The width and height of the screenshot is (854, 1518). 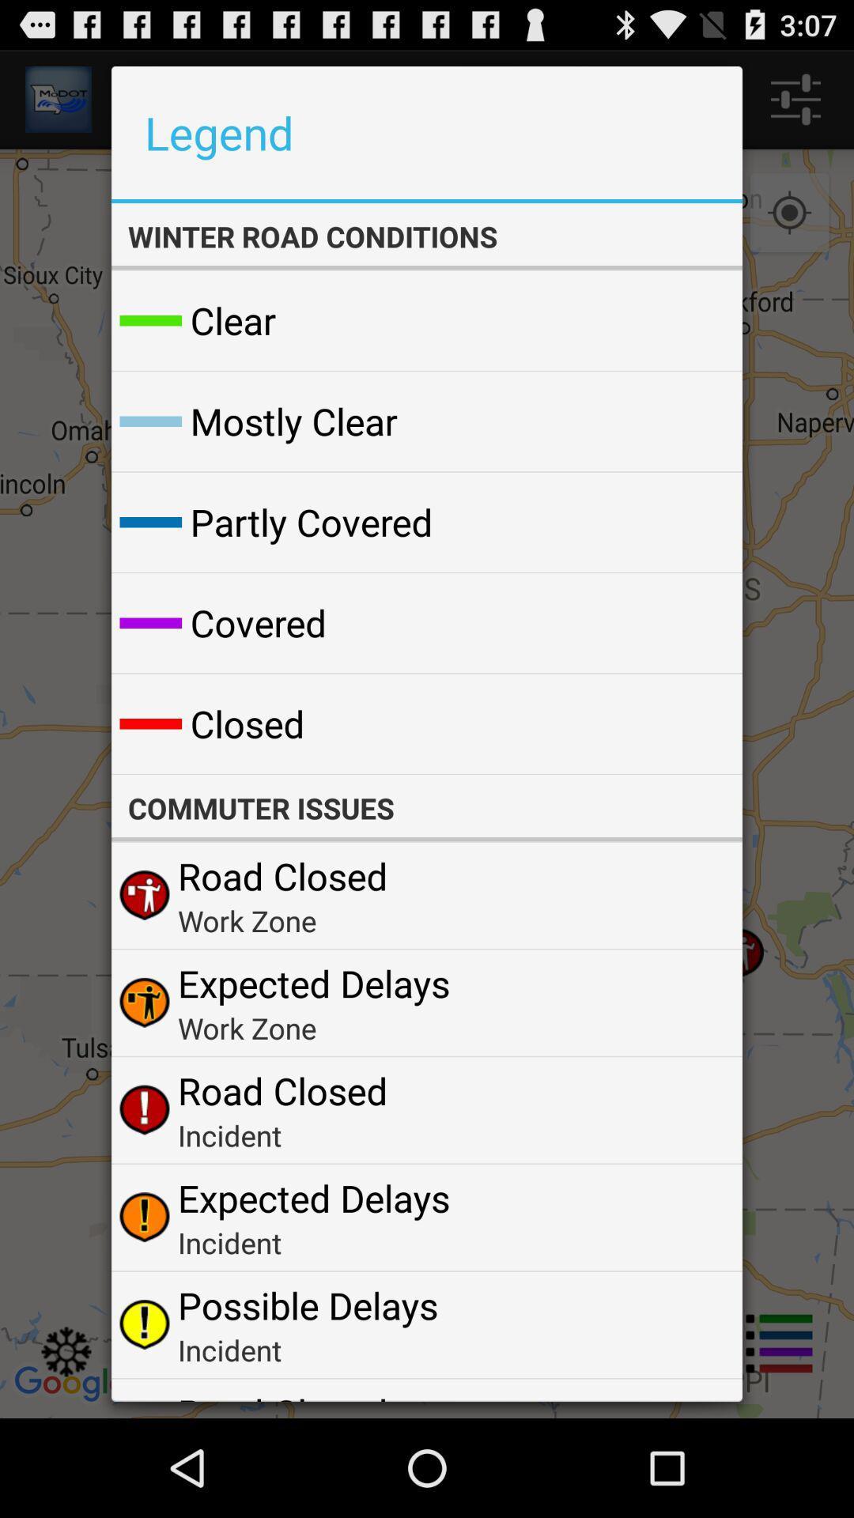 I want to click on the icon below the winter road conditions, so click(x=691, y=319).